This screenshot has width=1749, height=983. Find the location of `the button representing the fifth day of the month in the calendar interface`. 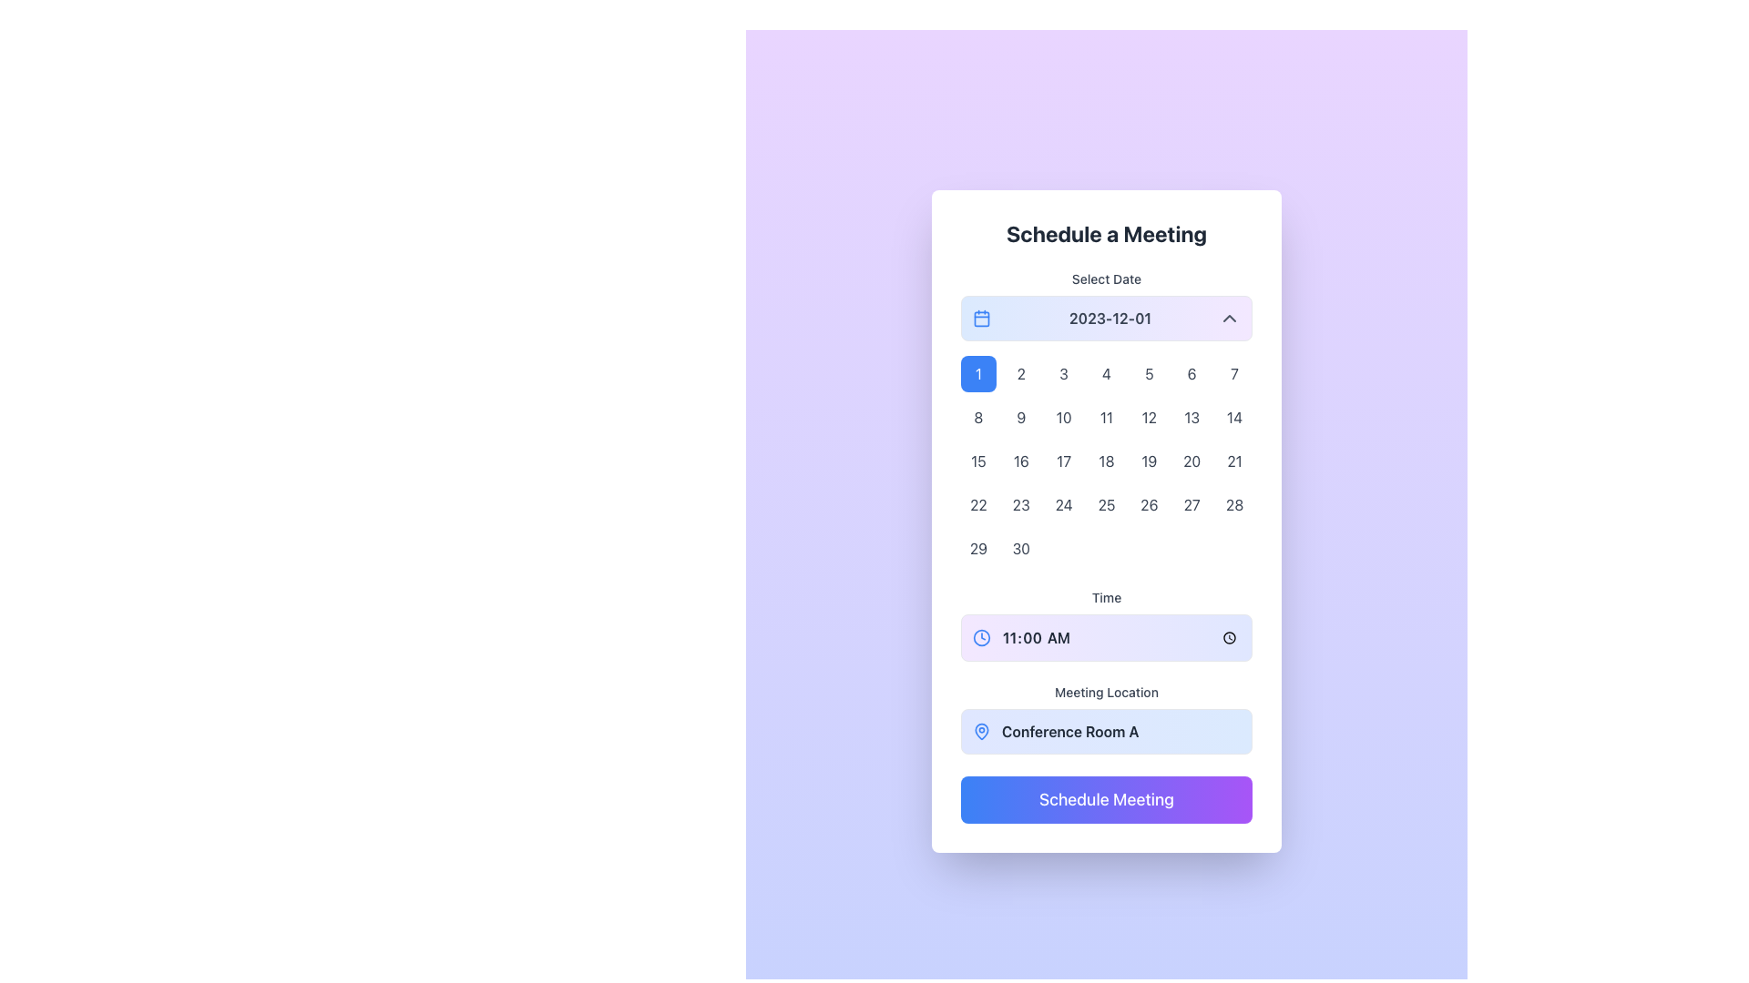

the button representing the fifth day of the month in the calendar interface is located at coordinates (1148, 373).